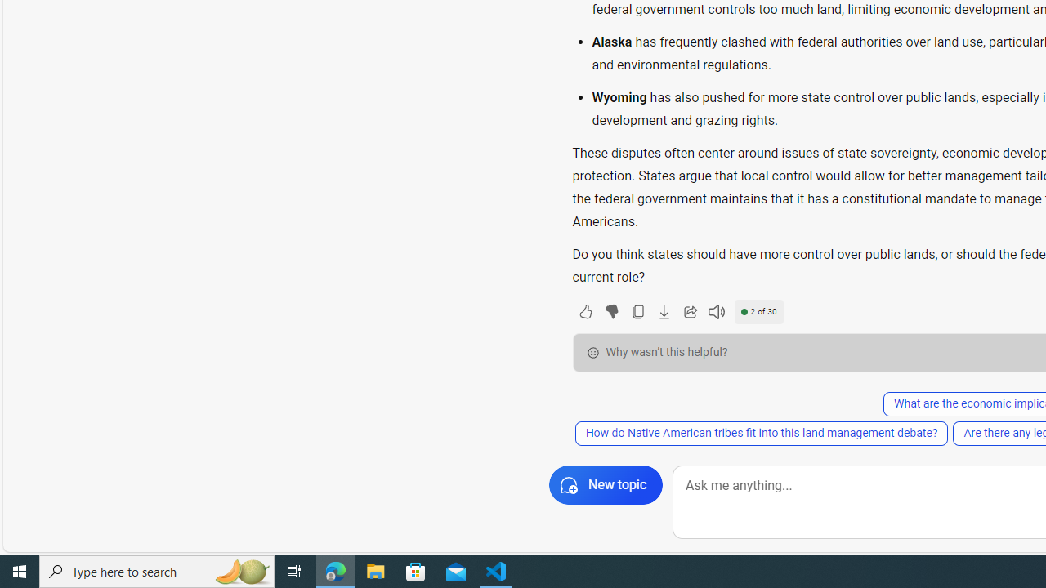 This screenshot has width=1046, height=588. I want to click on 'New topic', so click(605, 484).